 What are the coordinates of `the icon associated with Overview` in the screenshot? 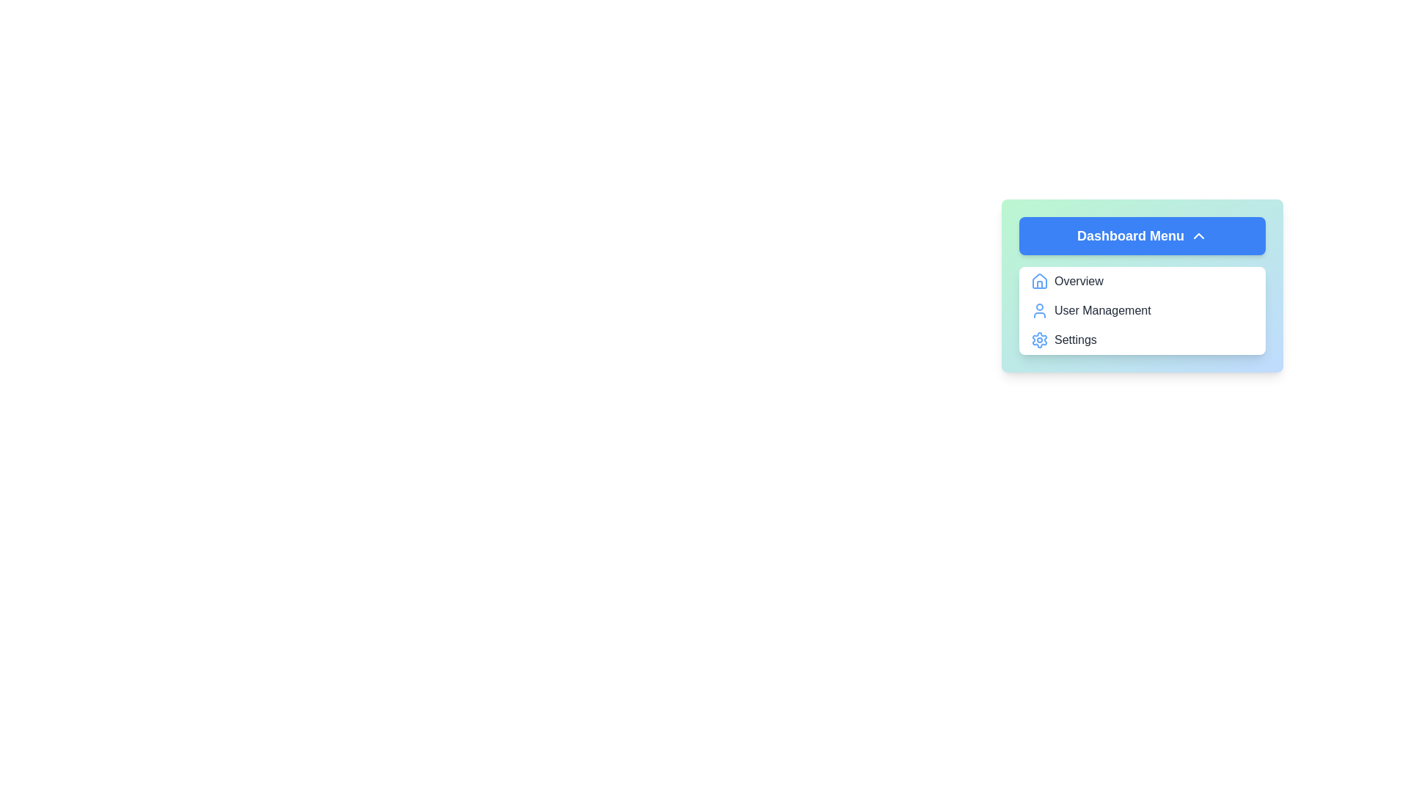 It's located at (1038, 282).